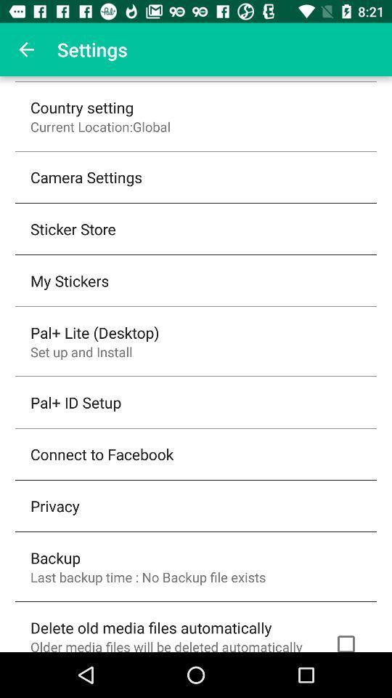  Describe the element at coordinates (147, 577) in the screenshot. I see `the icon above the delete old media icon` at that location.